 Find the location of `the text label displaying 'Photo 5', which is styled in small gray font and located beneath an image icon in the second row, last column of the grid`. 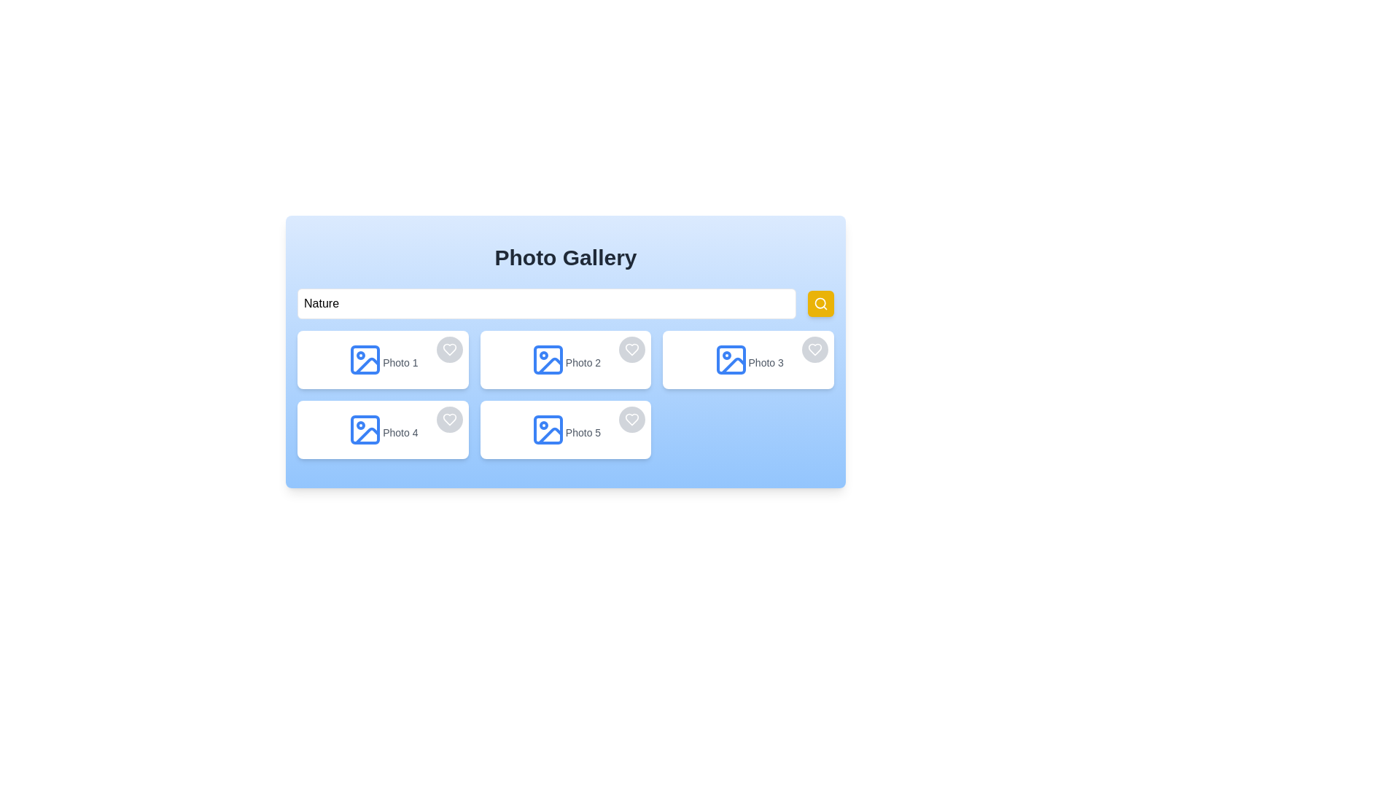

the text label displaying 'Photo 5', which is styled in small gray font and located beneath an image icon in the second row, last column of the grid is located at coordinates (583, 432).